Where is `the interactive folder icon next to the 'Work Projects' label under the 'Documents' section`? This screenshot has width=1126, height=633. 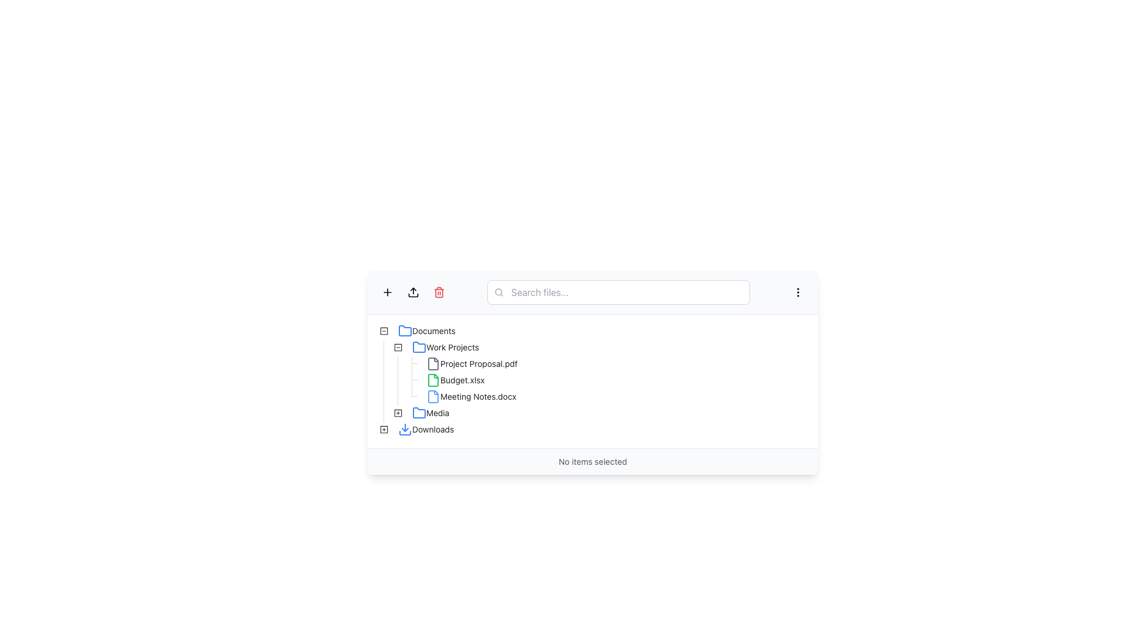
the interactive folder icon next to the 'Work Projects' label under the 'Documents' section is located at coordinates (398, 347).